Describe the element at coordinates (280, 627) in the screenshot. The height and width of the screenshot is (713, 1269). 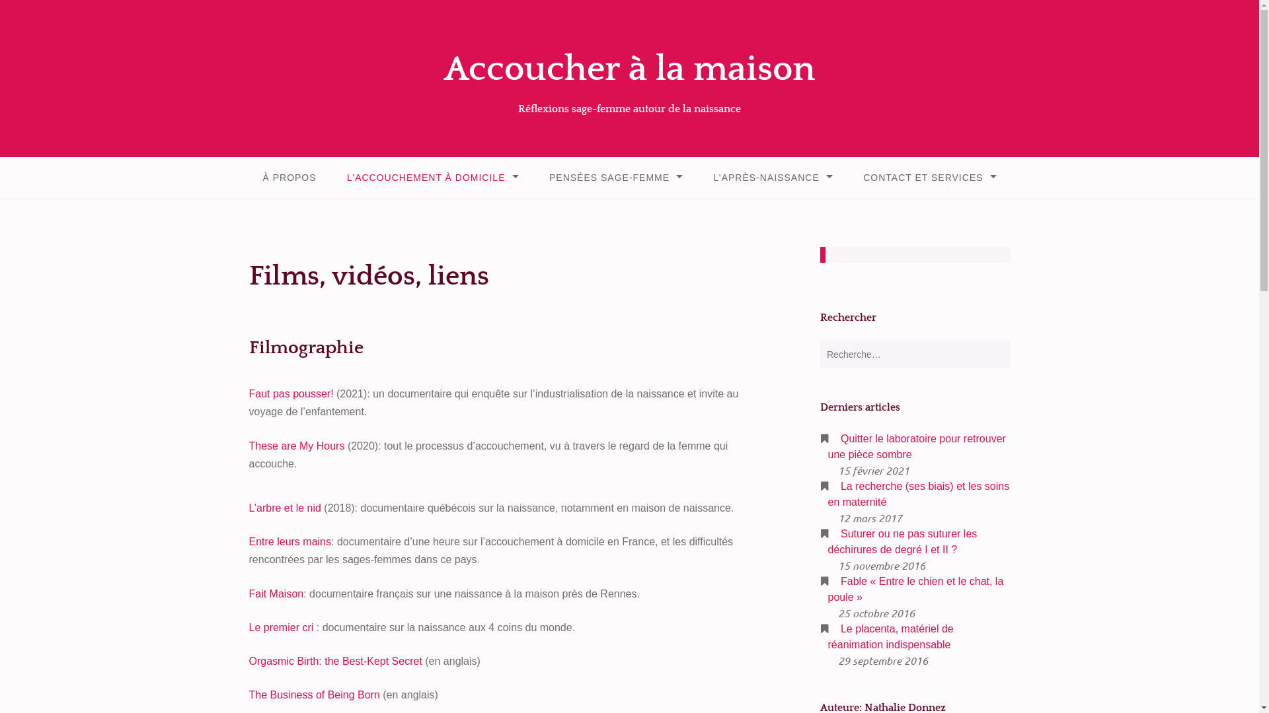
I see `'Le premier cri'` at that location.